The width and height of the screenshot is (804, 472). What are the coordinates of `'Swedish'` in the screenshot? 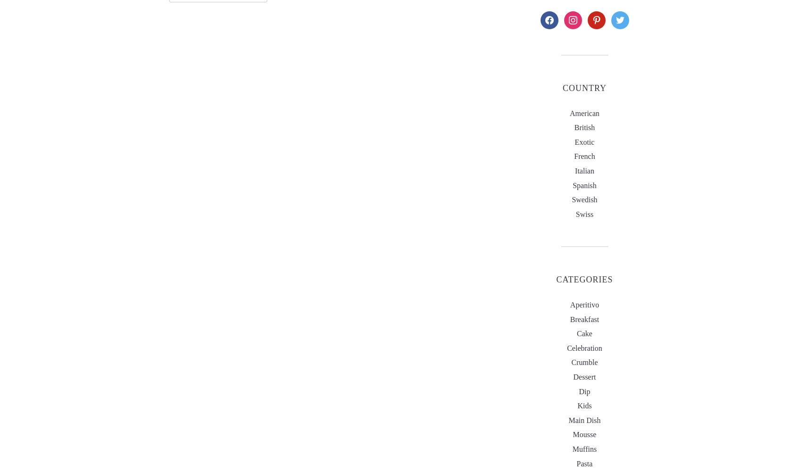 It's located at (584, 199).